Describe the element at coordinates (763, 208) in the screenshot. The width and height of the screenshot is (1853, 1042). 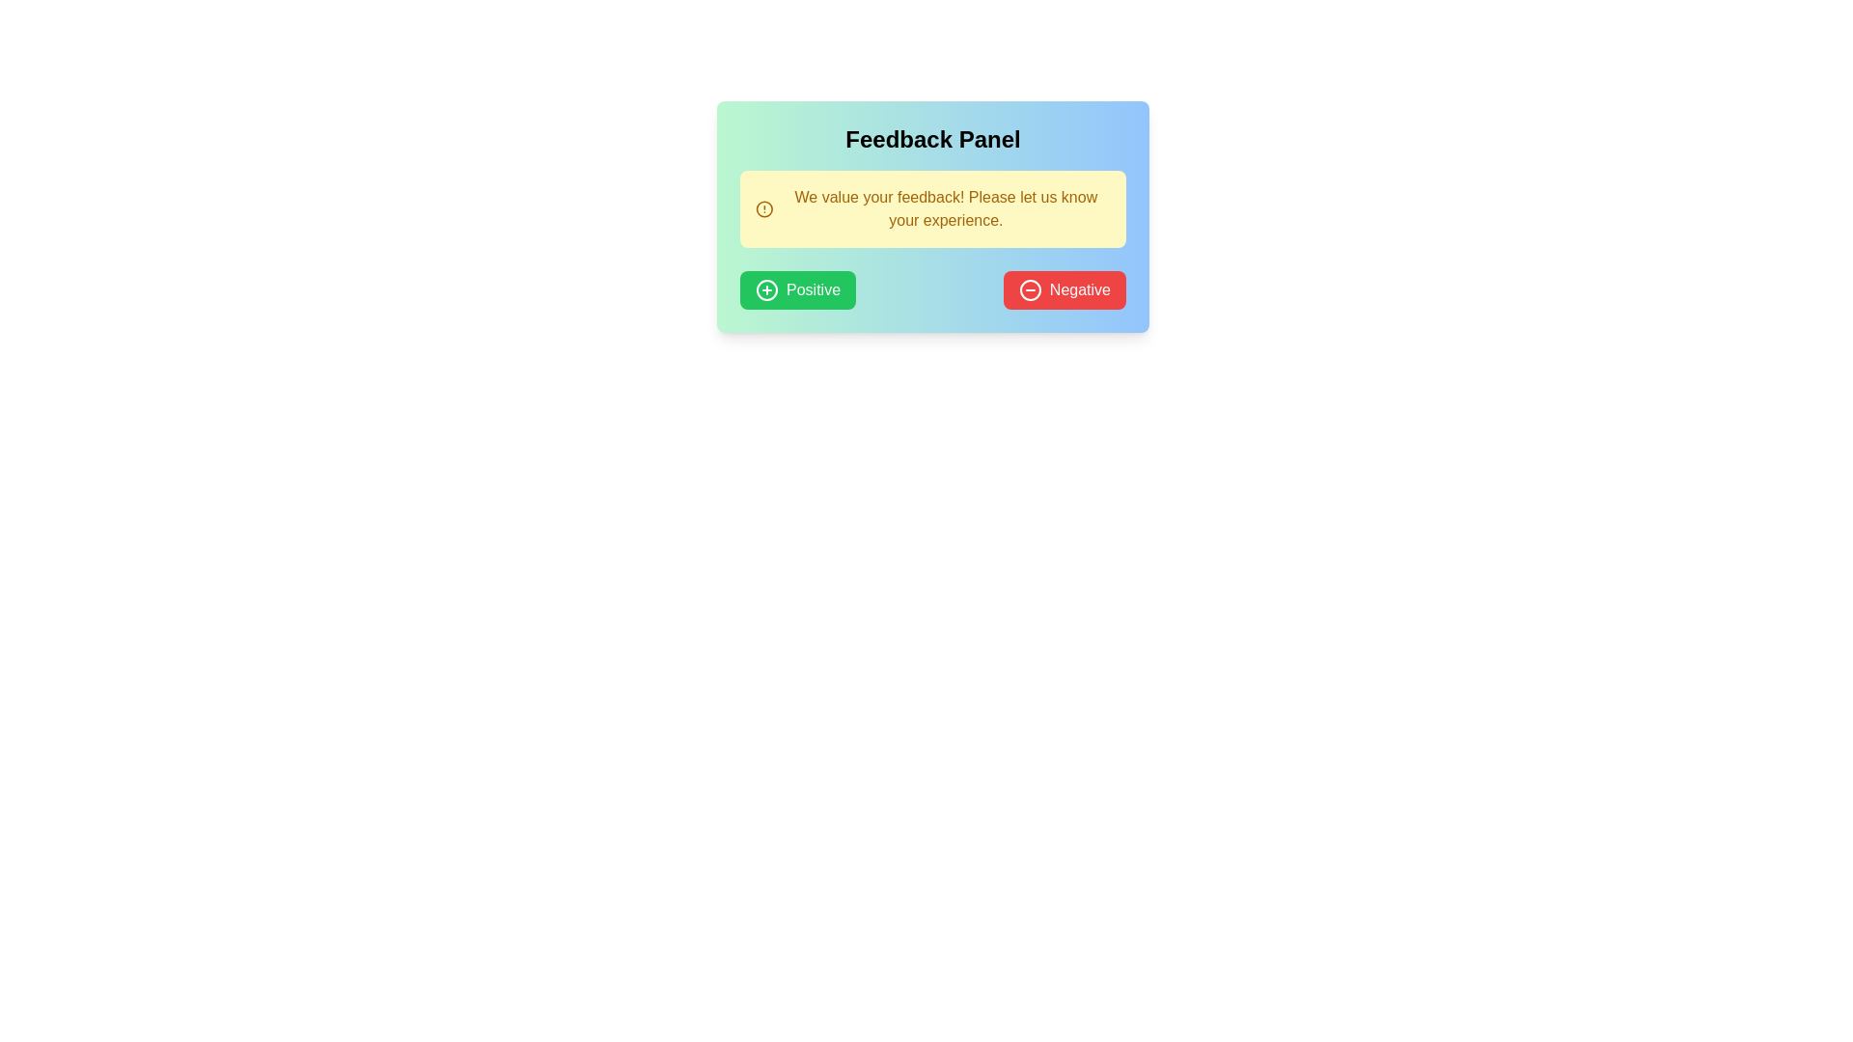
I see `the circular graphic element that serves as the outer border of the warning or alert icon, located in the feedback panel preceding the text 'We value your feedback! Please let us know your experience.'` at that location.